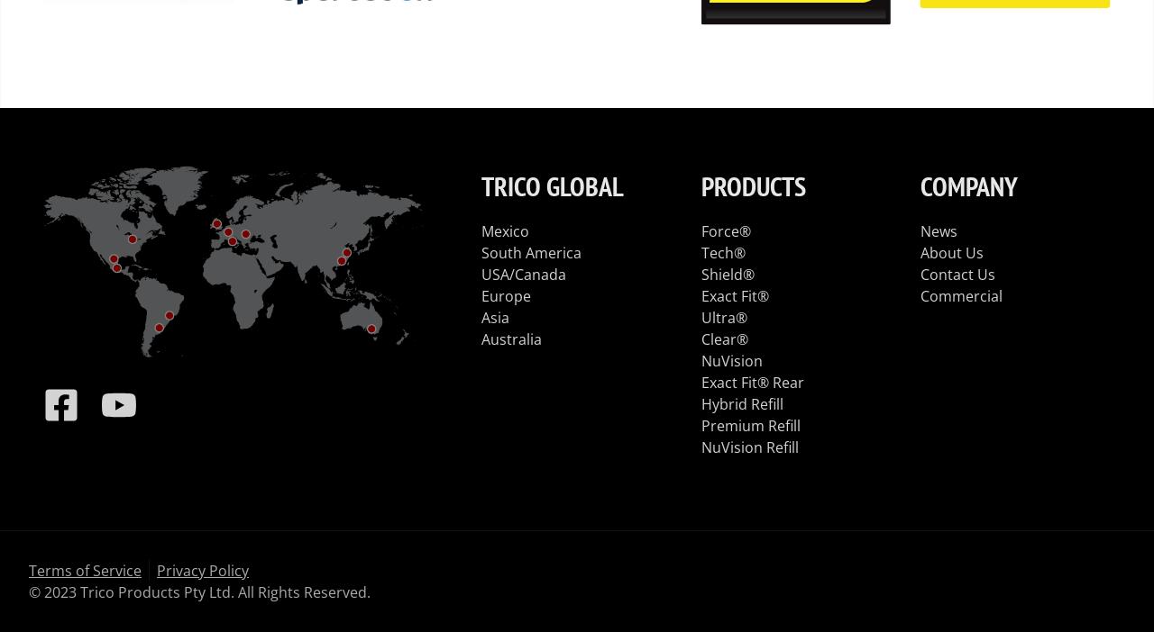 This screenshot has height=632, width=1154. Describe the element at coordinates (920, 294) in the screenshot. I see `'Commercial'` at that location.